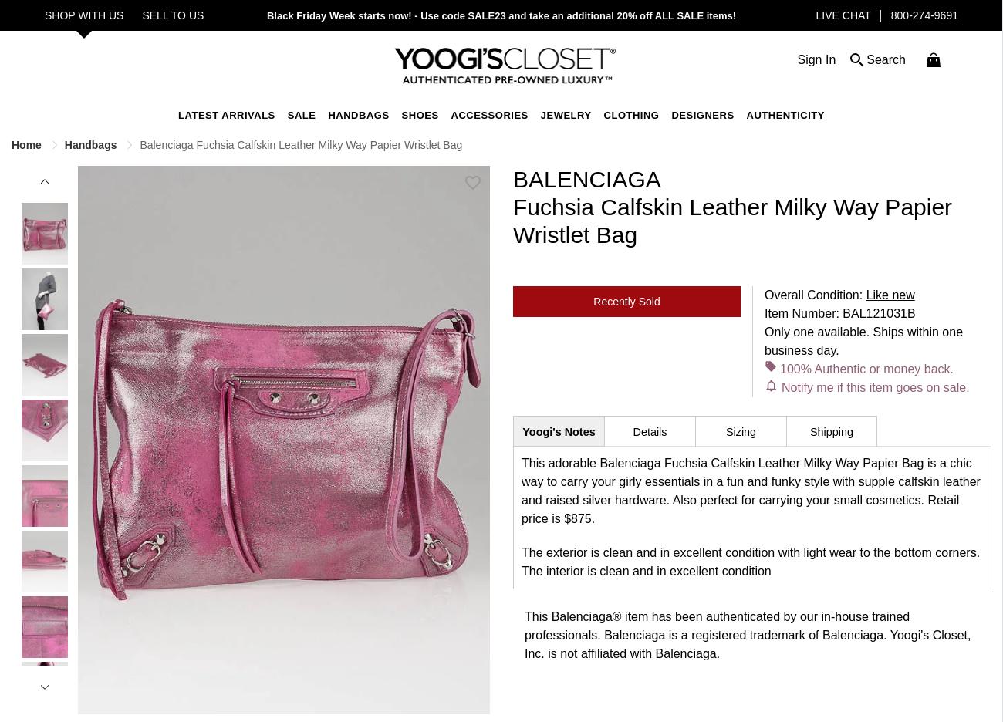 This screenshot has width=1003, height=722. I want to click on '800-274-9691', so click(890, 15).